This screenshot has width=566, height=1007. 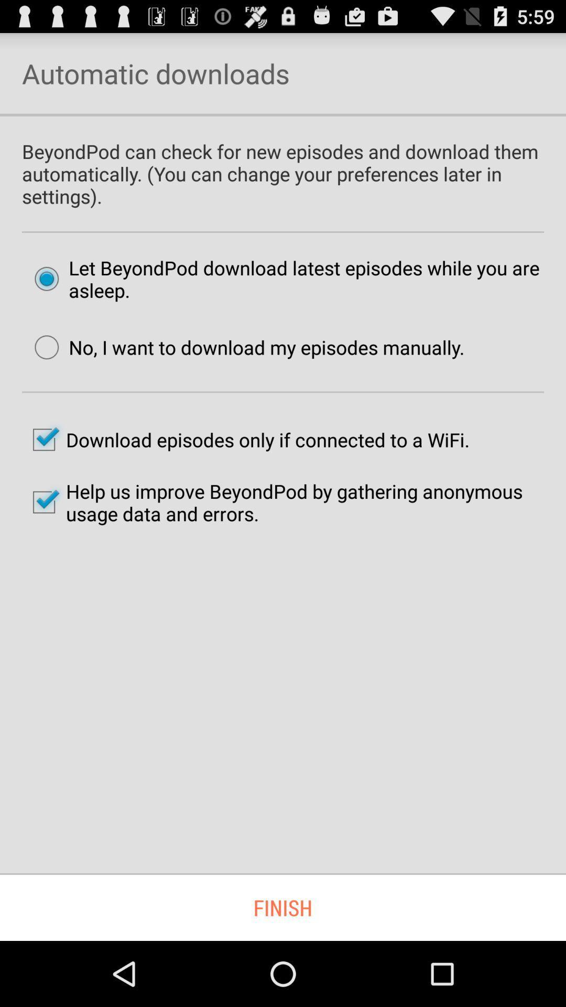 I want to click on help us improve icon, so click(x=283, y=502).